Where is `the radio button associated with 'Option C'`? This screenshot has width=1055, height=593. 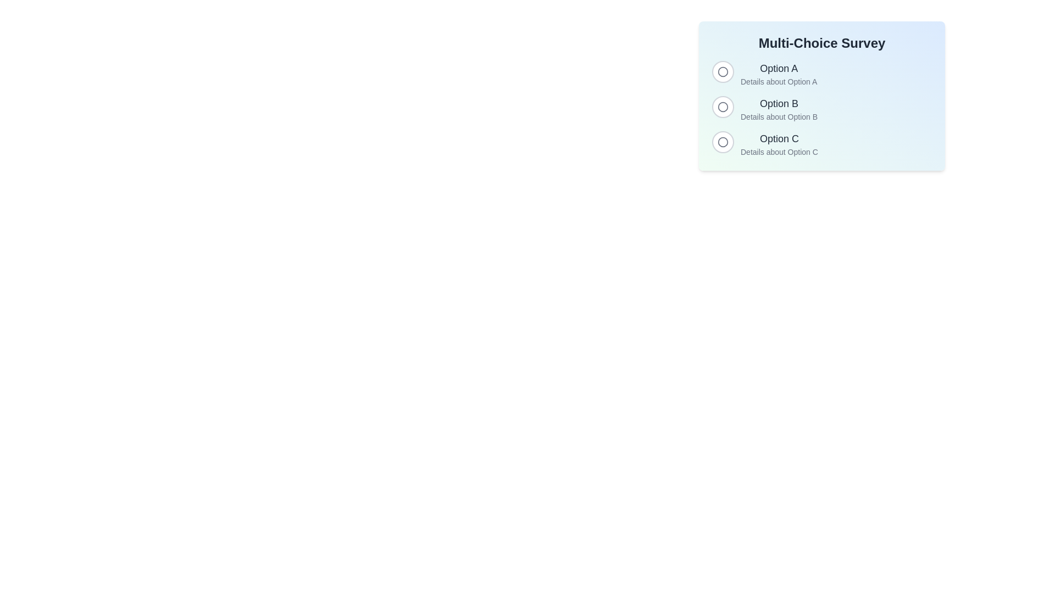 the radio button associated with 'Option C' is located at coordinates (723, 141).